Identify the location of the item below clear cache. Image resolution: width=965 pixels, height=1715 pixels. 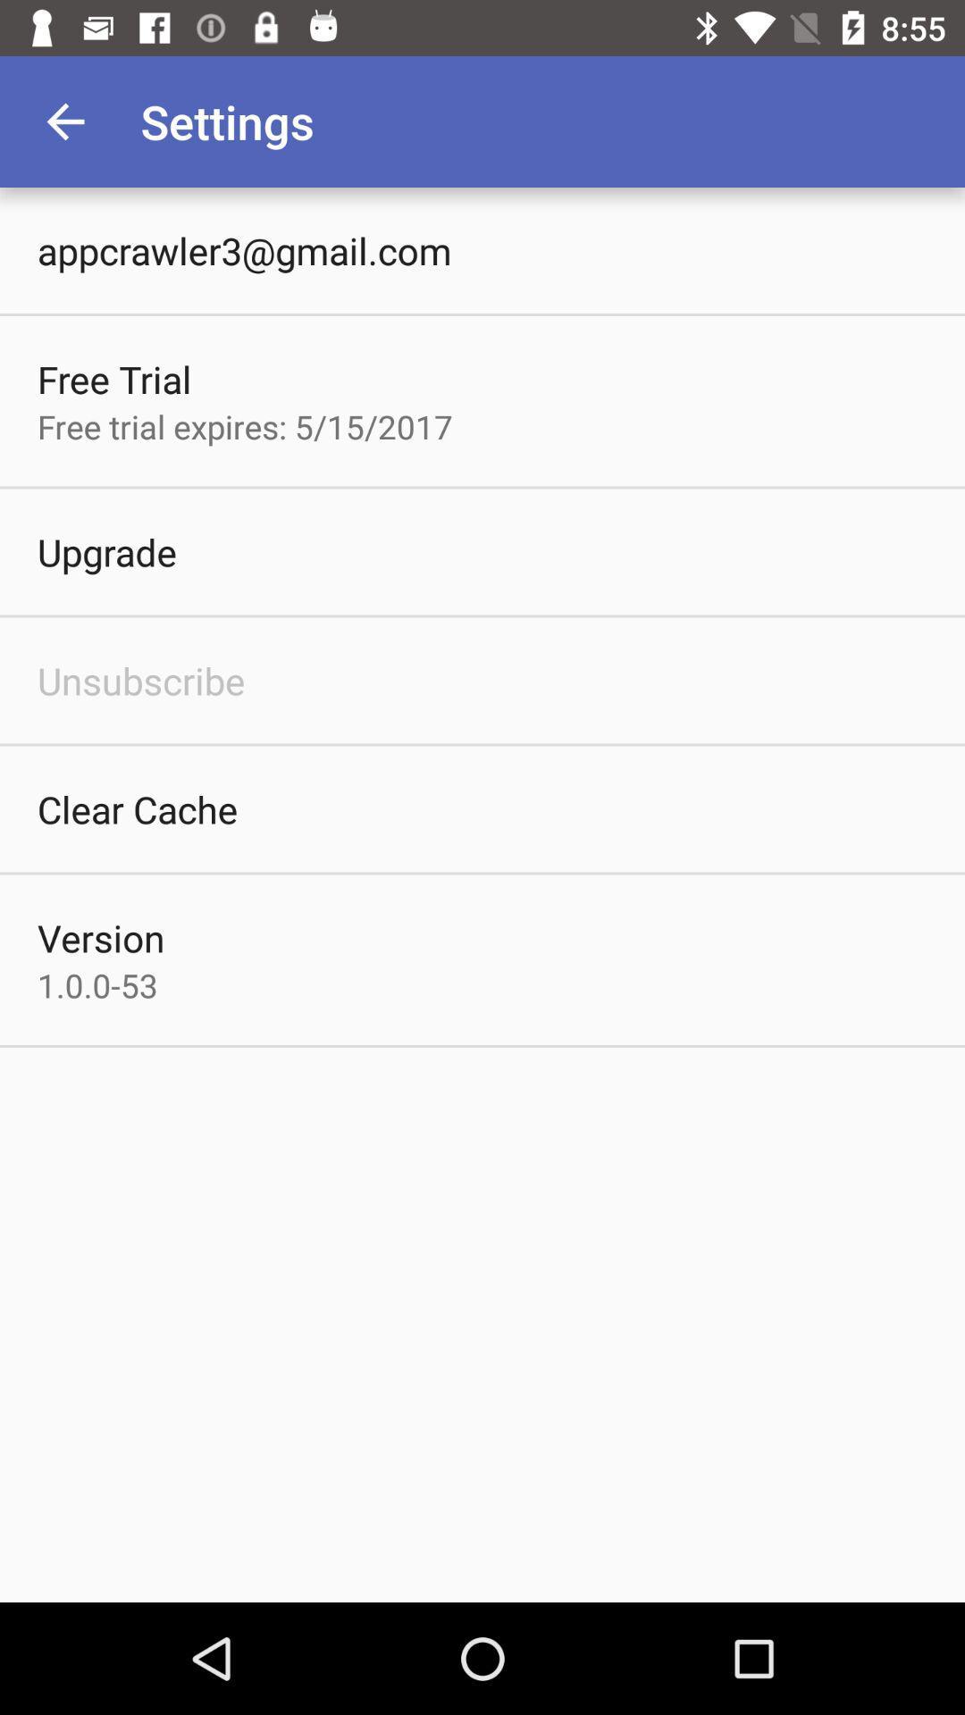
(101, 937).